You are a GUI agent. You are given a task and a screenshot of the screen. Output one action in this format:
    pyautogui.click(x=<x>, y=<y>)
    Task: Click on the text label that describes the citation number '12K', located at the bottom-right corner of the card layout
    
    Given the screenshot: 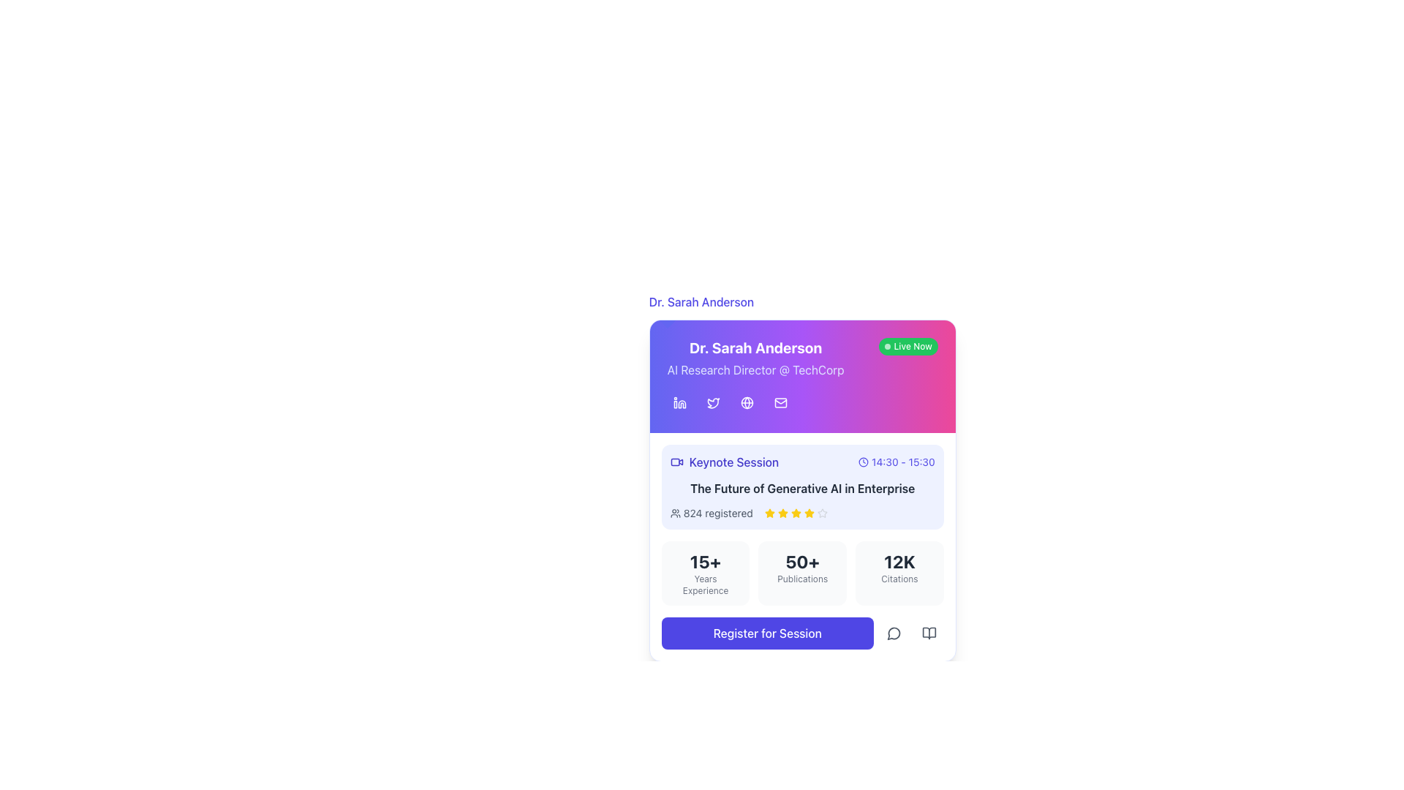 What is the action you would take?
    pyautogui.click(x=899, y=578)
    